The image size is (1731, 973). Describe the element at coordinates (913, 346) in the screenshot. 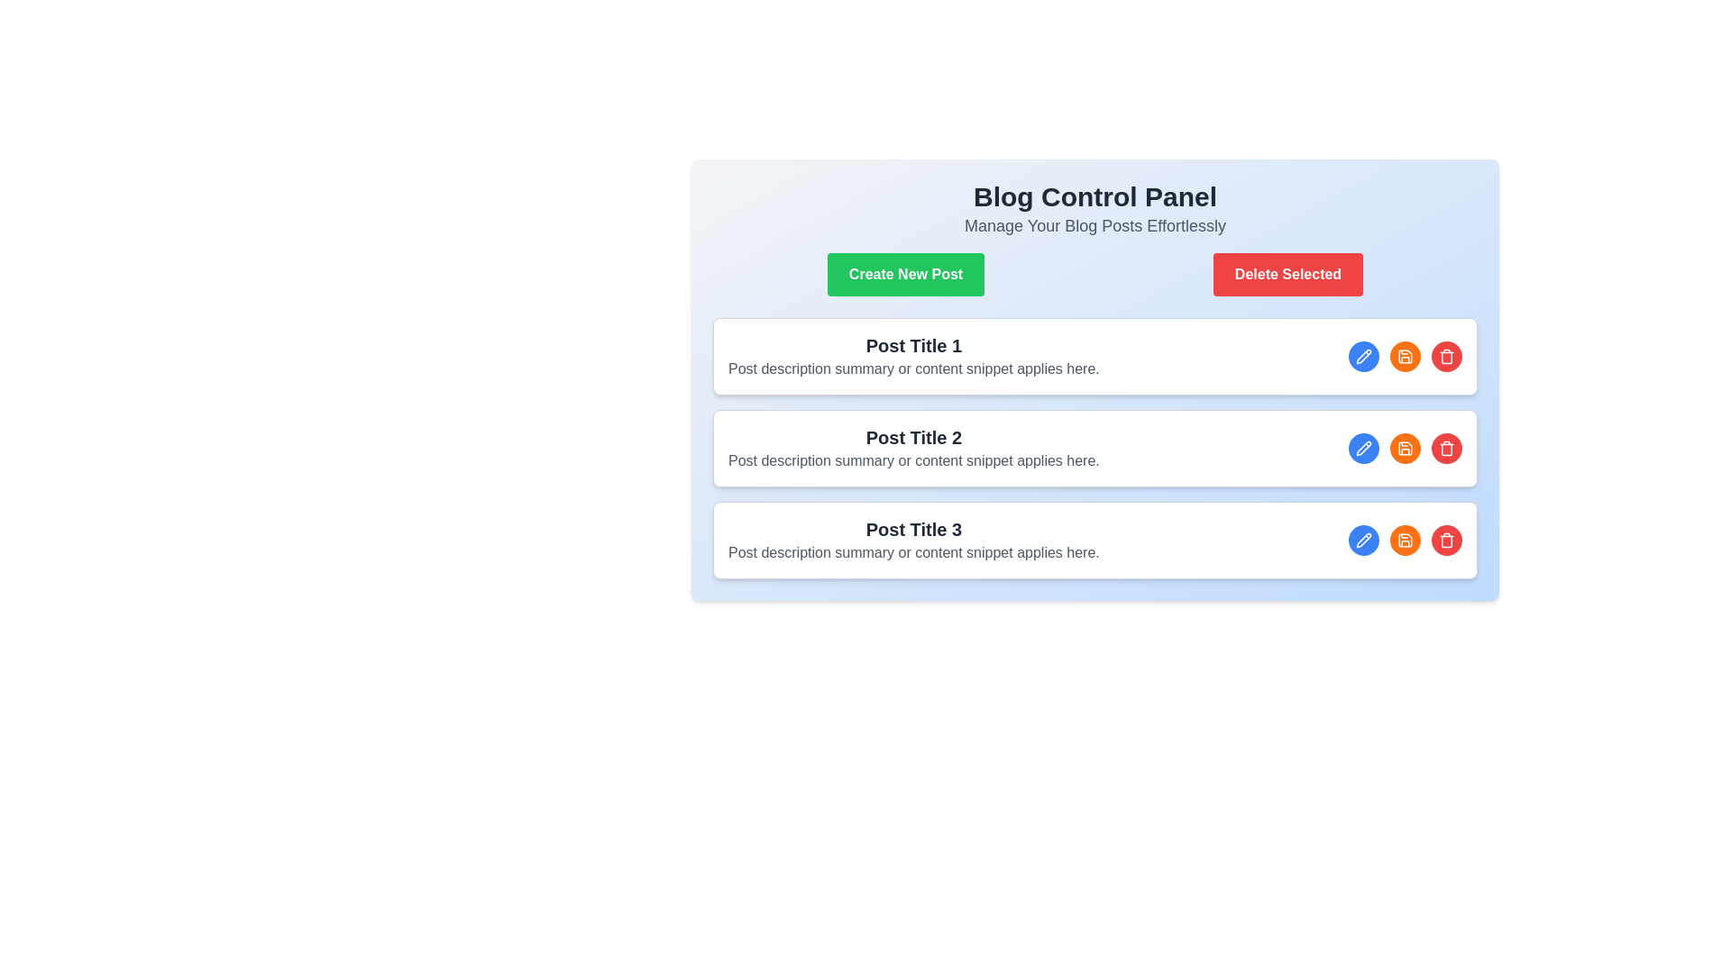

I see `the text label displaying 'Post Title 1'` at that location.